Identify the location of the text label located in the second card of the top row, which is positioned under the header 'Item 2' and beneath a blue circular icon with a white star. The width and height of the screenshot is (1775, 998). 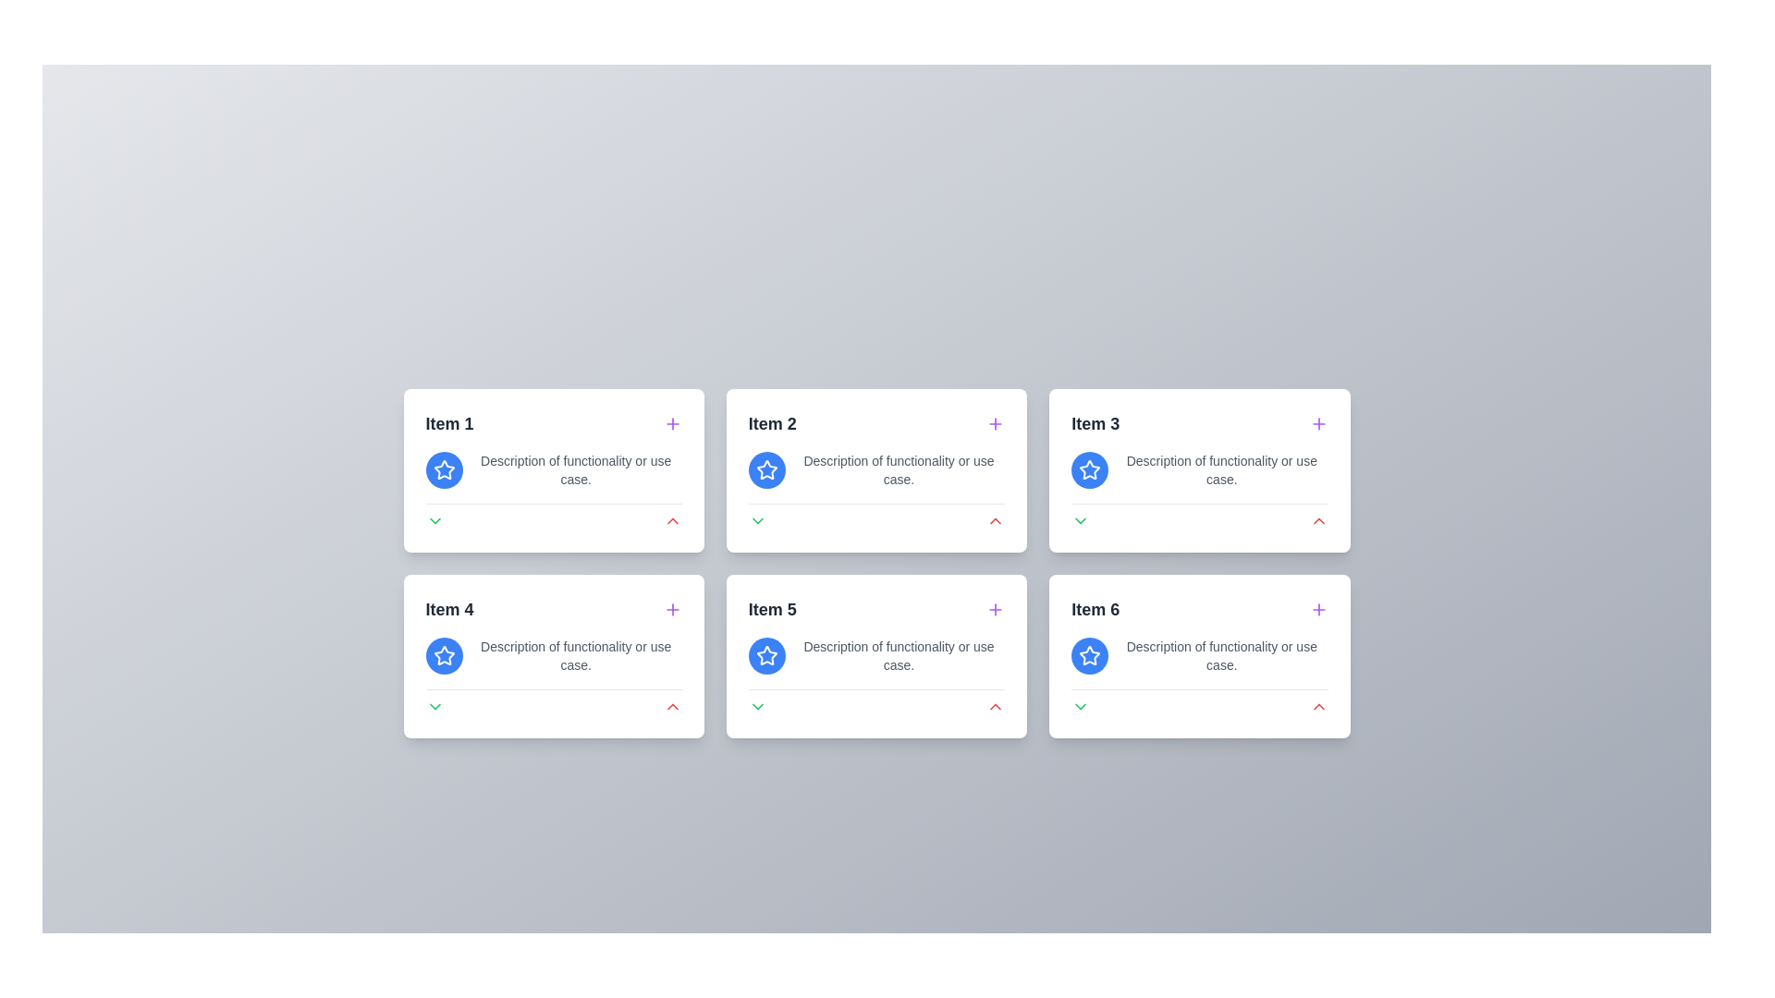
(899, 469).